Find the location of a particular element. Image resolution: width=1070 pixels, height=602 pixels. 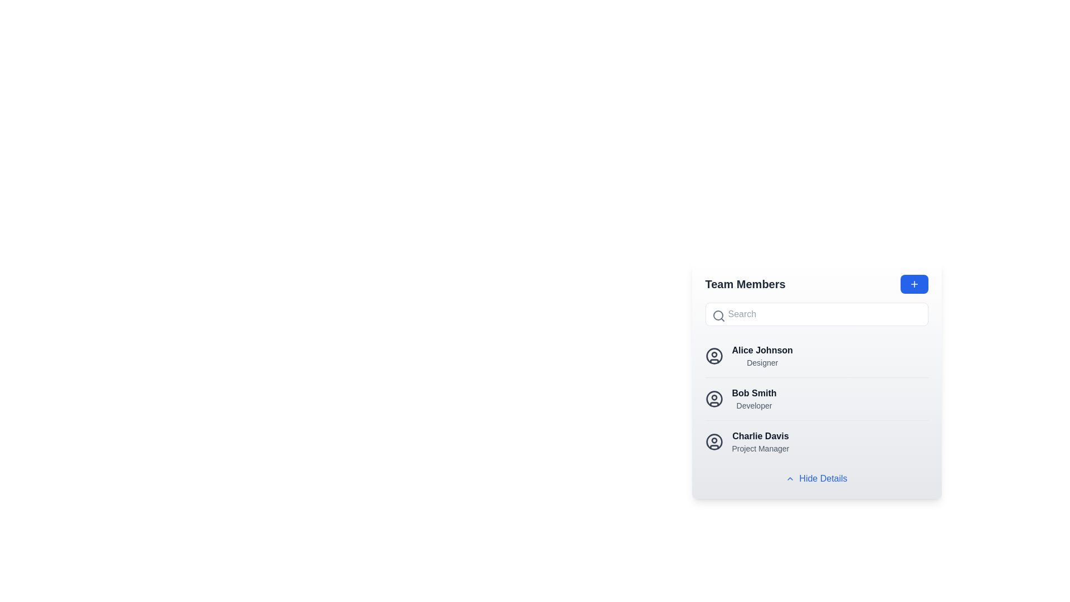

the decorative circle element representing 'Alice Johnson' in the user profile icons within the 'Team Members' panel is located at coordinates (714, 356).